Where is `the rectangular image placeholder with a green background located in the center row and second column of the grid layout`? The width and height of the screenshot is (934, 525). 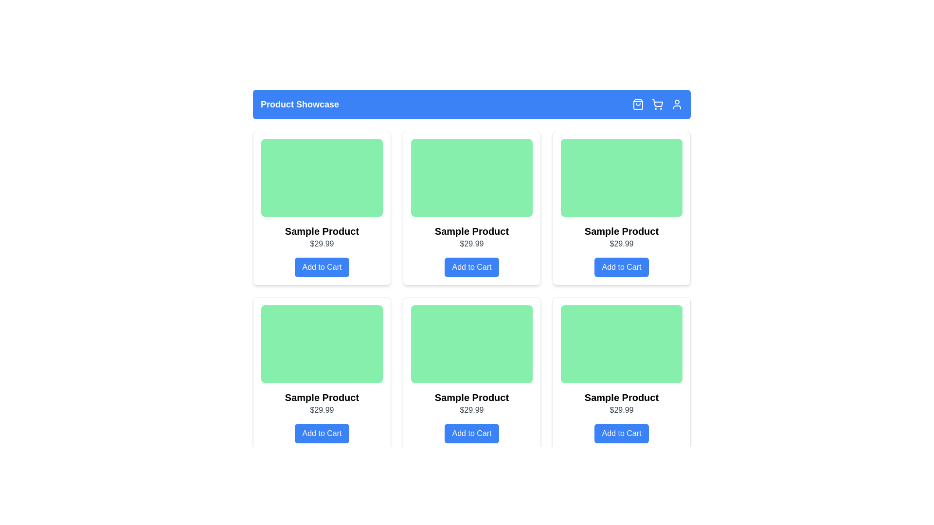
the rectangular image placeholder with a green background located in the center row and second column of the grid layout is located at coordinates (471, 344).